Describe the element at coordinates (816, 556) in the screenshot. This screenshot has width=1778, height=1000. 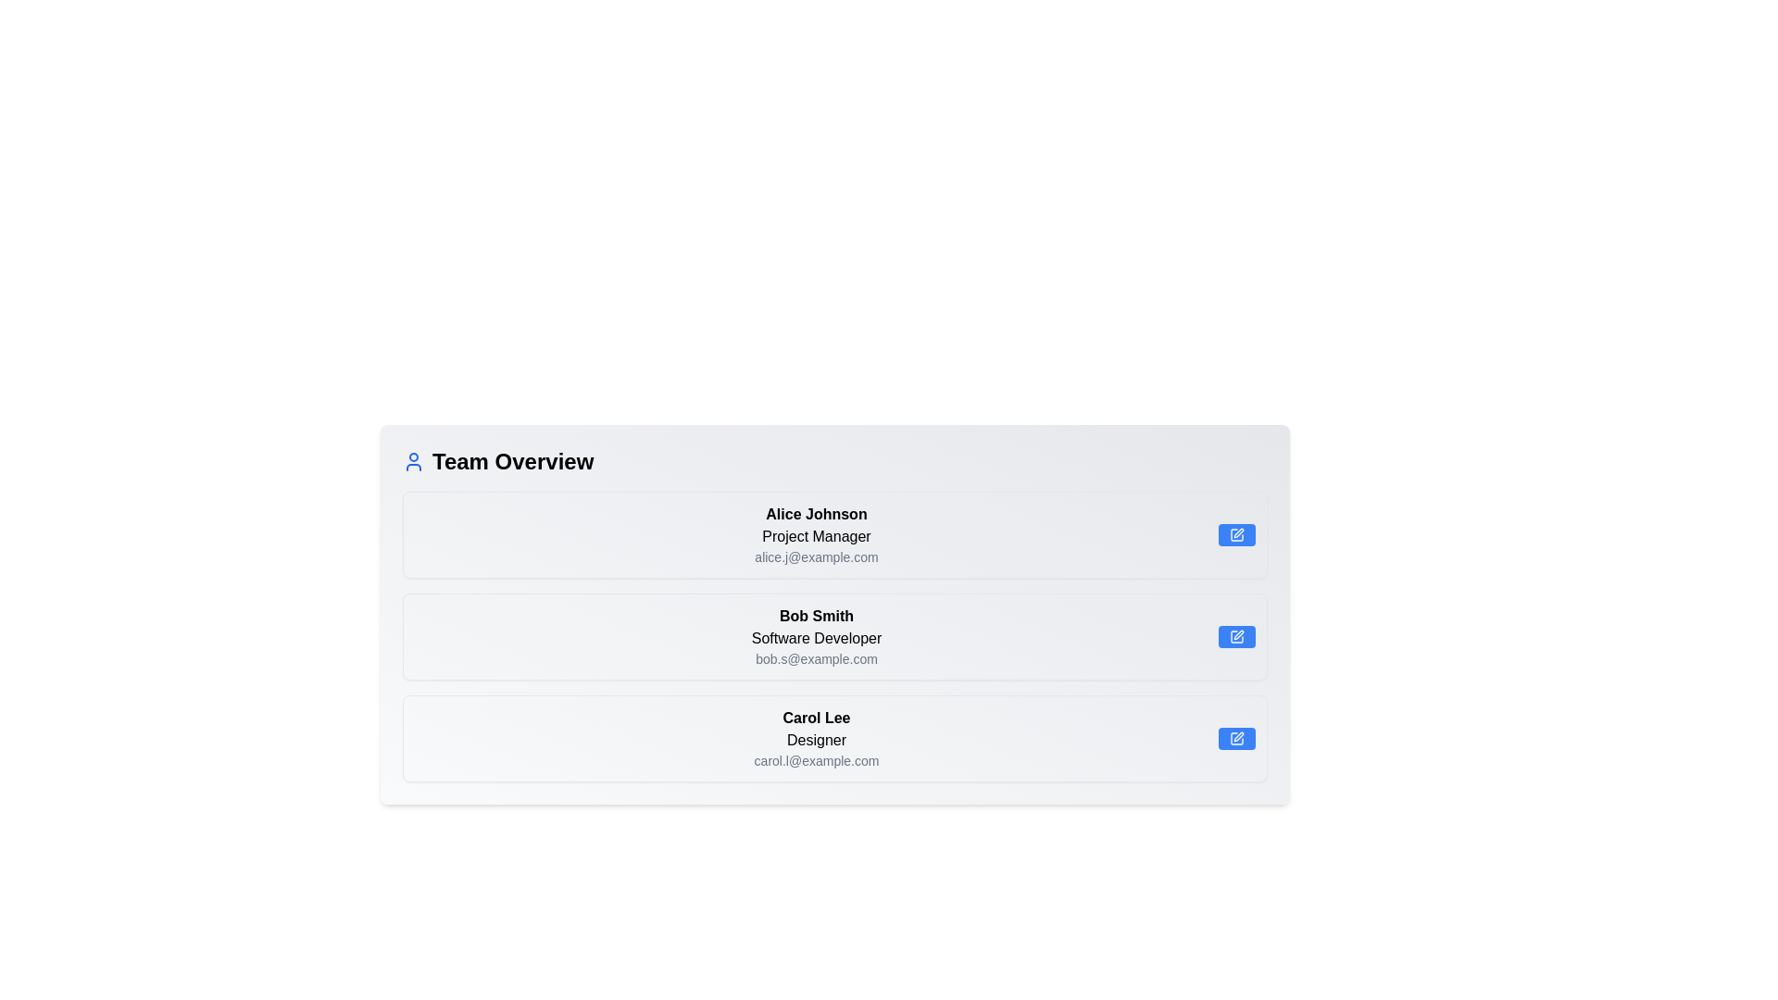
I see `text content displayed in the text node showing the email address 'alice.j@example.com', which is located beneath the name 'Alice Johnson' and the role 'Project Manager' in the 'Team Overview' section` at that location.